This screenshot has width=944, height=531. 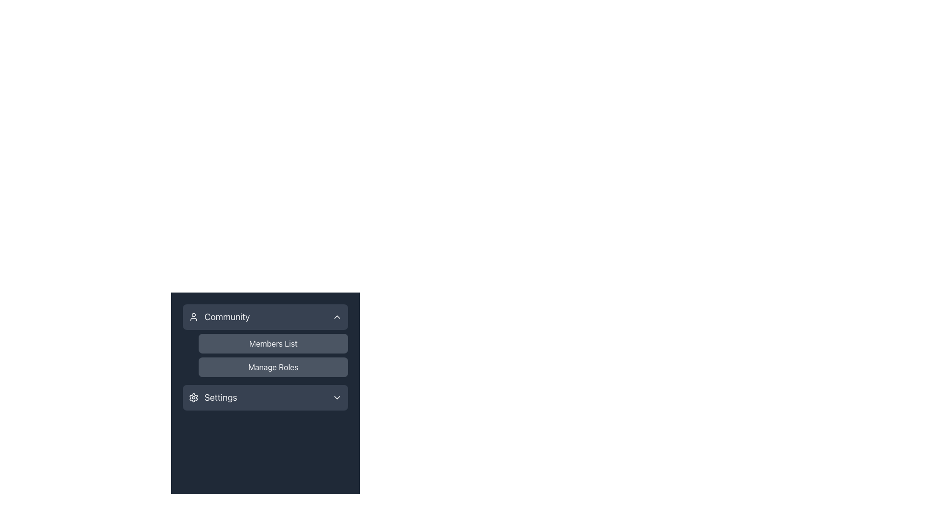 What do you see at coordinates (273, 367) in the screenshot?
I see `the navigation button for managing roles located under the 'Community' header, specifically the second row option beneath 'Members List'` at bounding box center [273, 367].